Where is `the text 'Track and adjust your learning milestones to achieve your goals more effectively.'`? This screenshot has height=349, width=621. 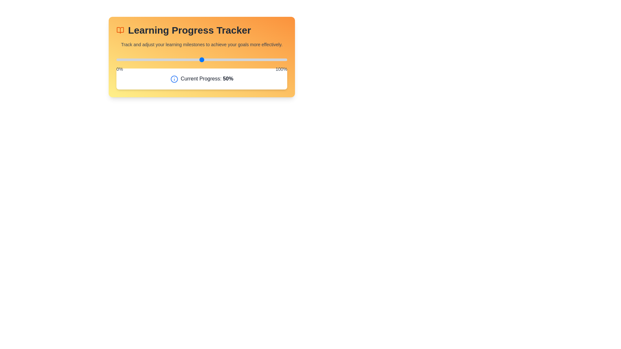 the text 'Track and adjust your learning milestones to achieve your goals more effectively.' is located at coordinates (116, 41).